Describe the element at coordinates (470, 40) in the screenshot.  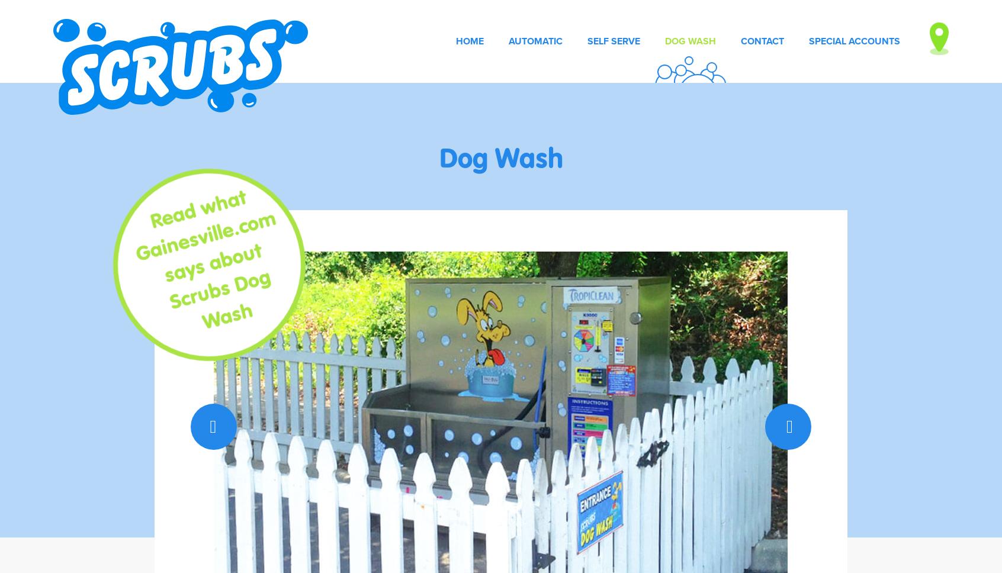
I see `'Home'` at that location.